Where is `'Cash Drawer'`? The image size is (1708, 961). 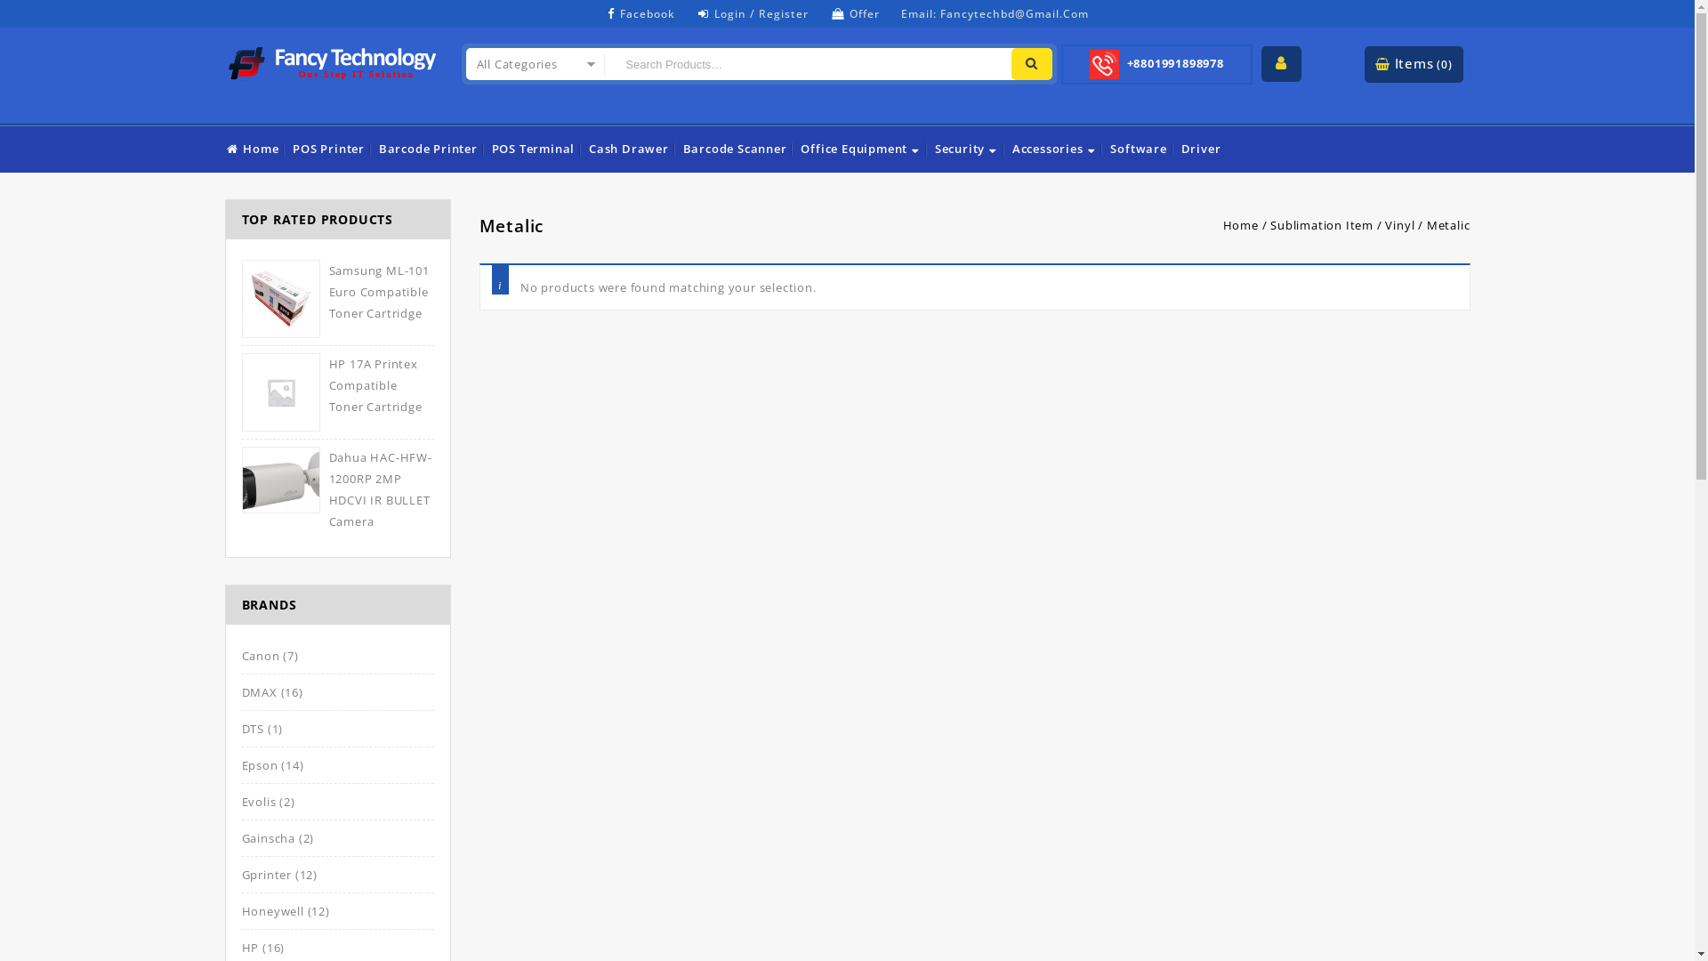 'Cash Drawer' is located at coordinates (628, 147).